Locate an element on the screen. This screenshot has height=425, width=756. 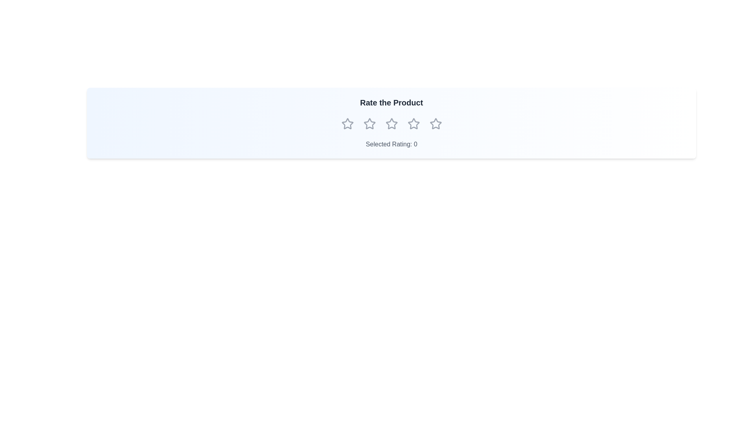
the first star in the rating input component is located at coordinates (347, 124).